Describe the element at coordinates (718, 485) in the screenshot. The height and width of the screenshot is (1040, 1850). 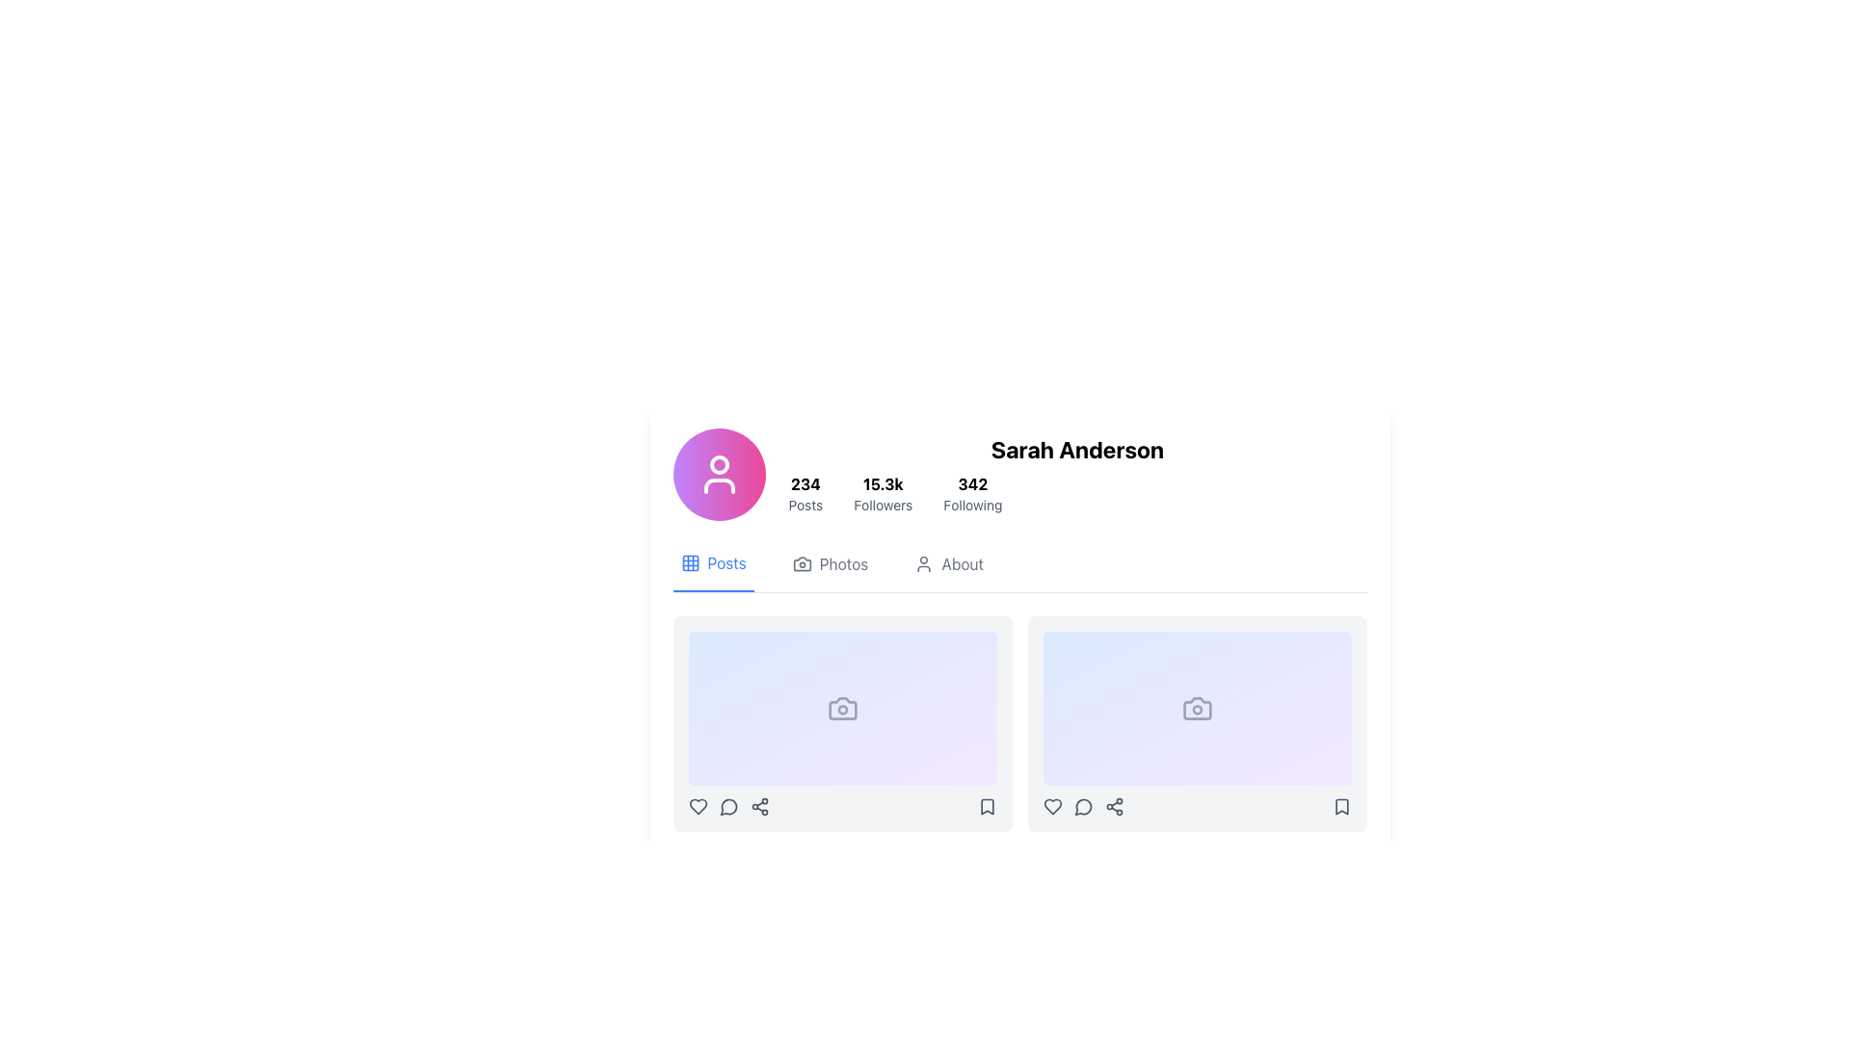
I see `the decorative SVG element that is part of the user avatar icon, located at the bottom of the circular shape in the top-left section of the profile interface` at that location.